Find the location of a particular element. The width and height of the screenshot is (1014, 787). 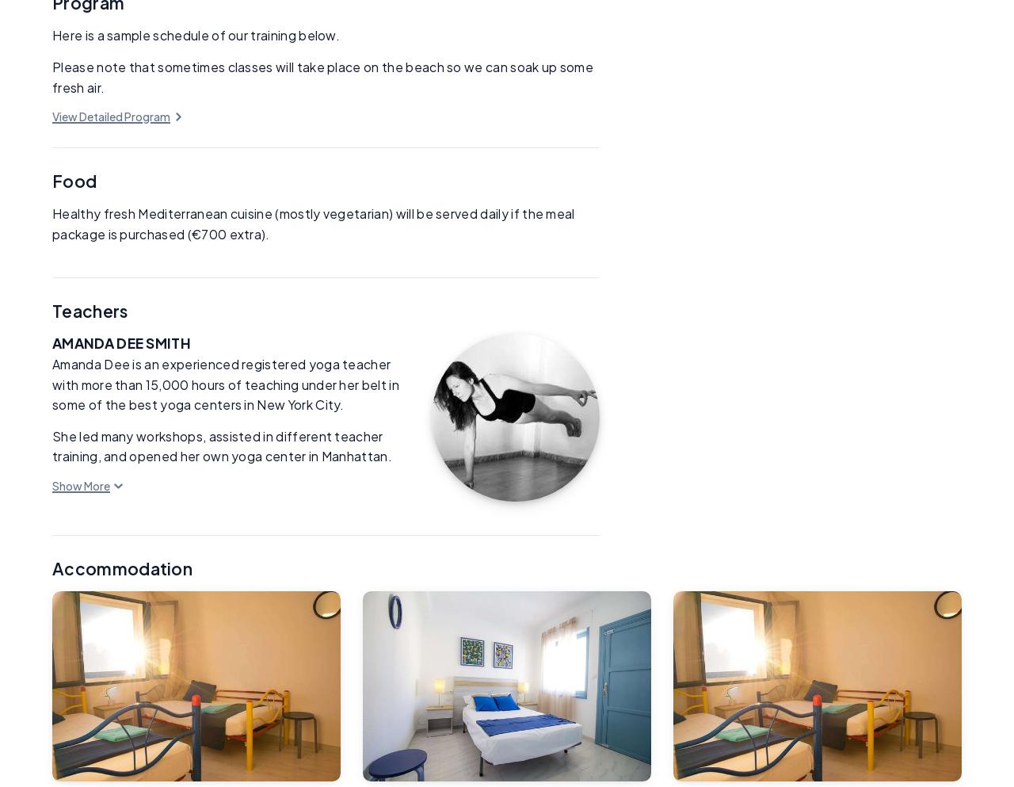

'Teachers' is located at coordinates (89, 310).